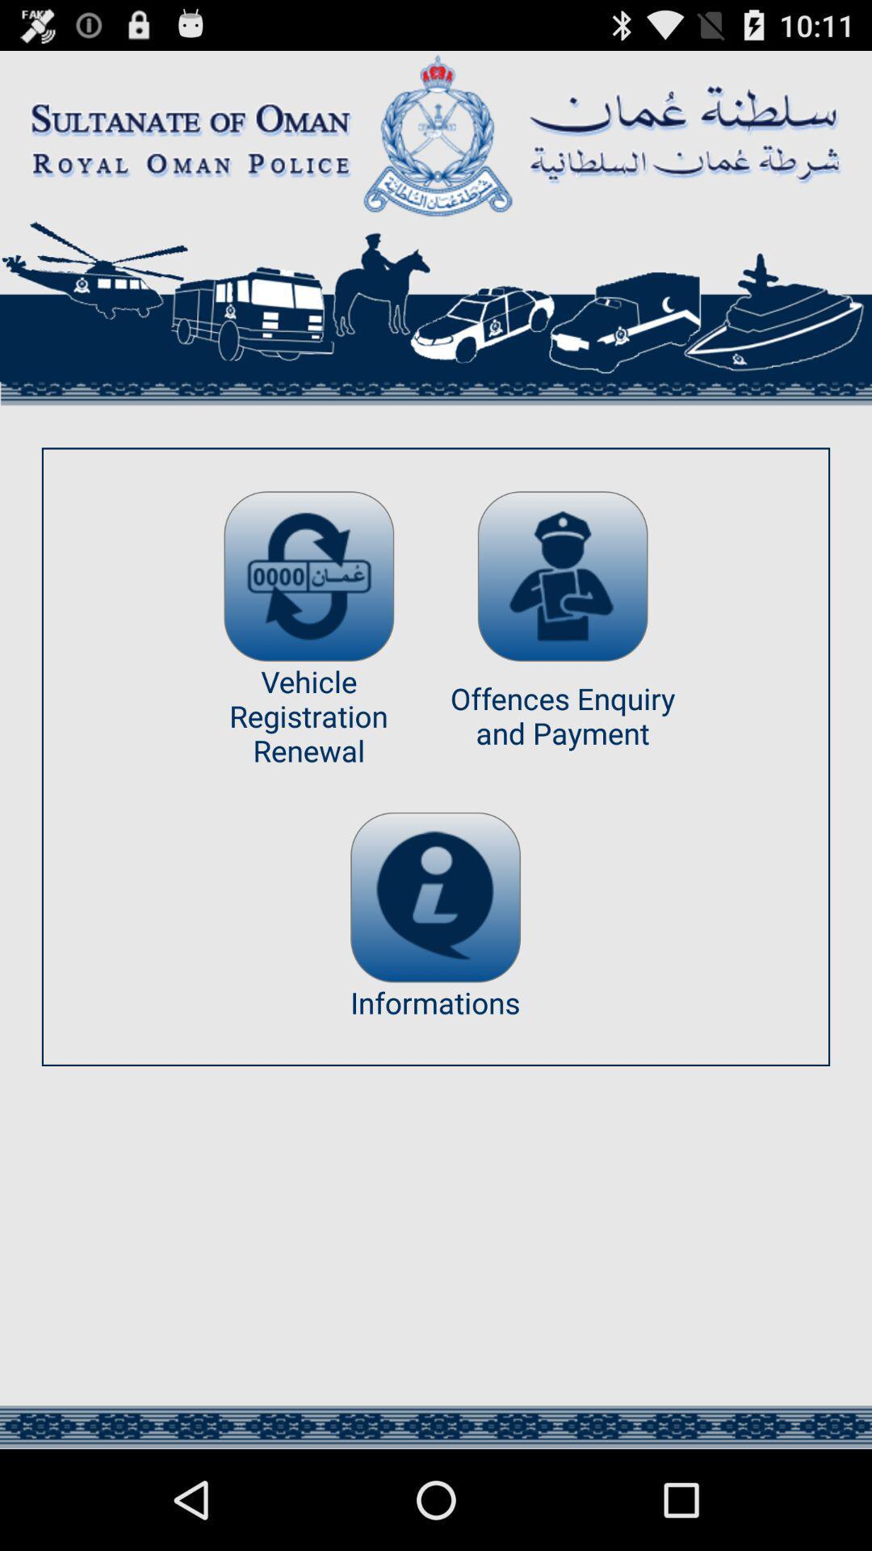  What do you see at coordinates (308, 576) in the screenshot?
I see `shift option` at bounding box center [308, 576].